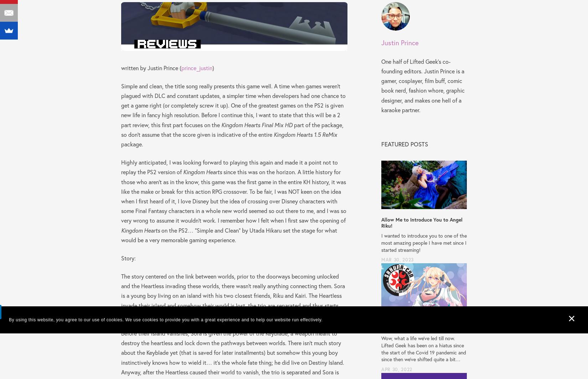  I want to click on 'Highly anticipated, I was looking forward to playing this
again and made it a point not to replay the PS2 version of', so click(121, 167).